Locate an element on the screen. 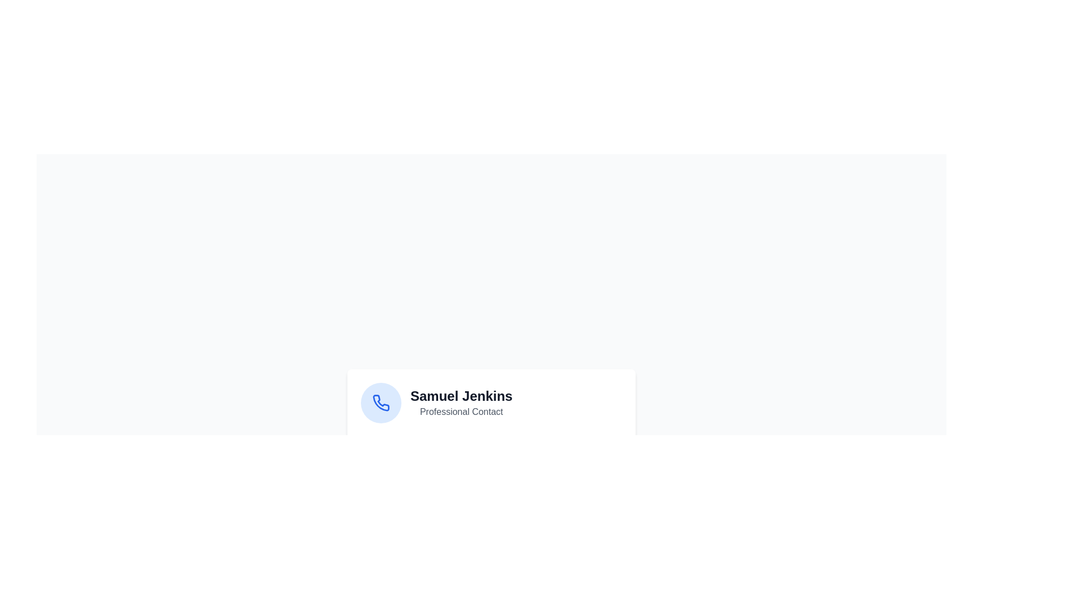 This screenshot has width=1081, height=608. the blue outlined phone icon within the light blue circular background to initiate a call or view contact details is located at coordinates (381, 403).